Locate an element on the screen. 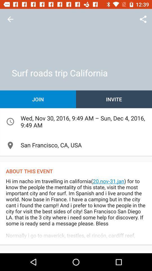 The width and height of the screenshot is (152, 271). item to the left of the invite icon is located at coordinates (38, 99).